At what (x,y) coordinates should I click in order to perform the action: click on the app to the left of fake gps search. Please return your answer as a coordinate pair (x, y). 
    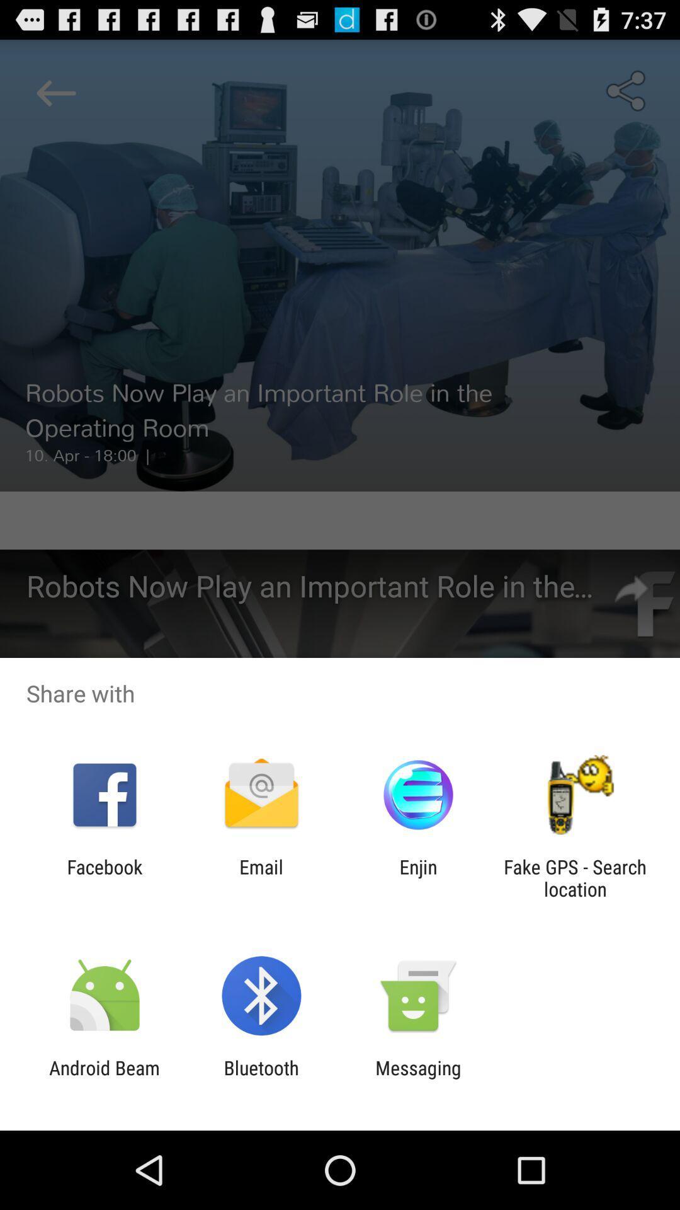
    Looking at the image, I should click on (418, 877).